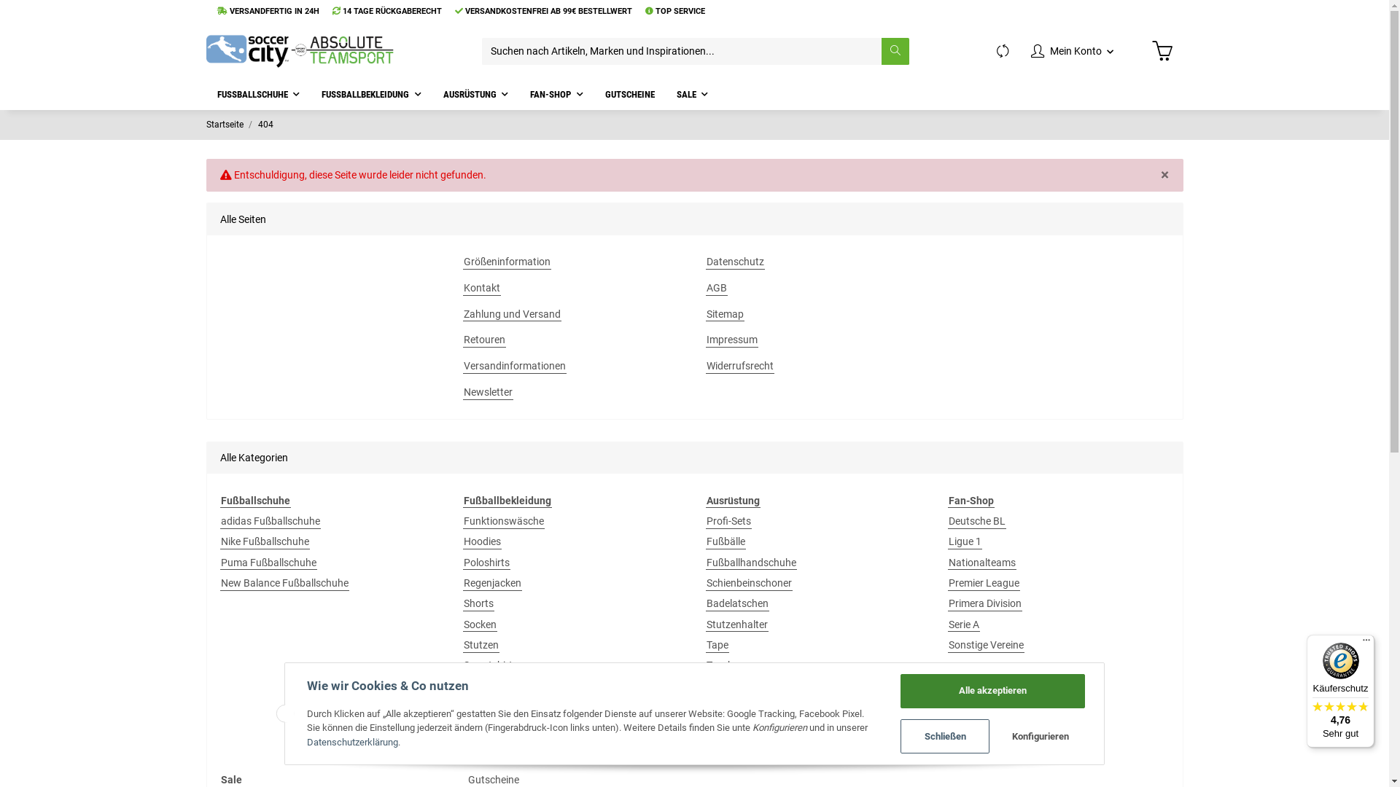 The height and width of the screenshot is (787, 1400). I want to click on 'Profi-Sets', so click(728, 520).